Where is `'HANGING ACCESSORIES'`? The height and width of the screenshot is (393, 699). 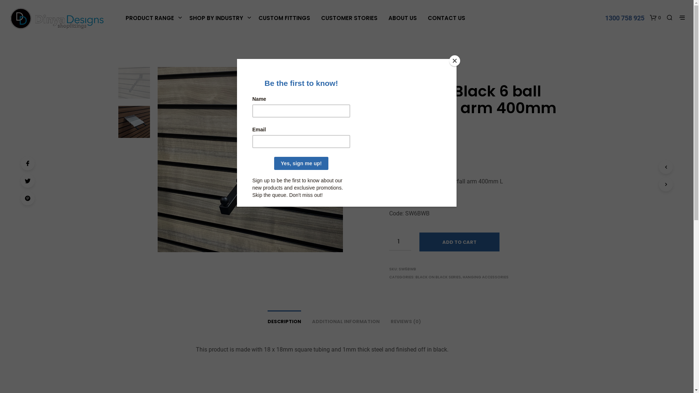
'HANGING ACCESSORIES' is located at coordinates (462, 277).